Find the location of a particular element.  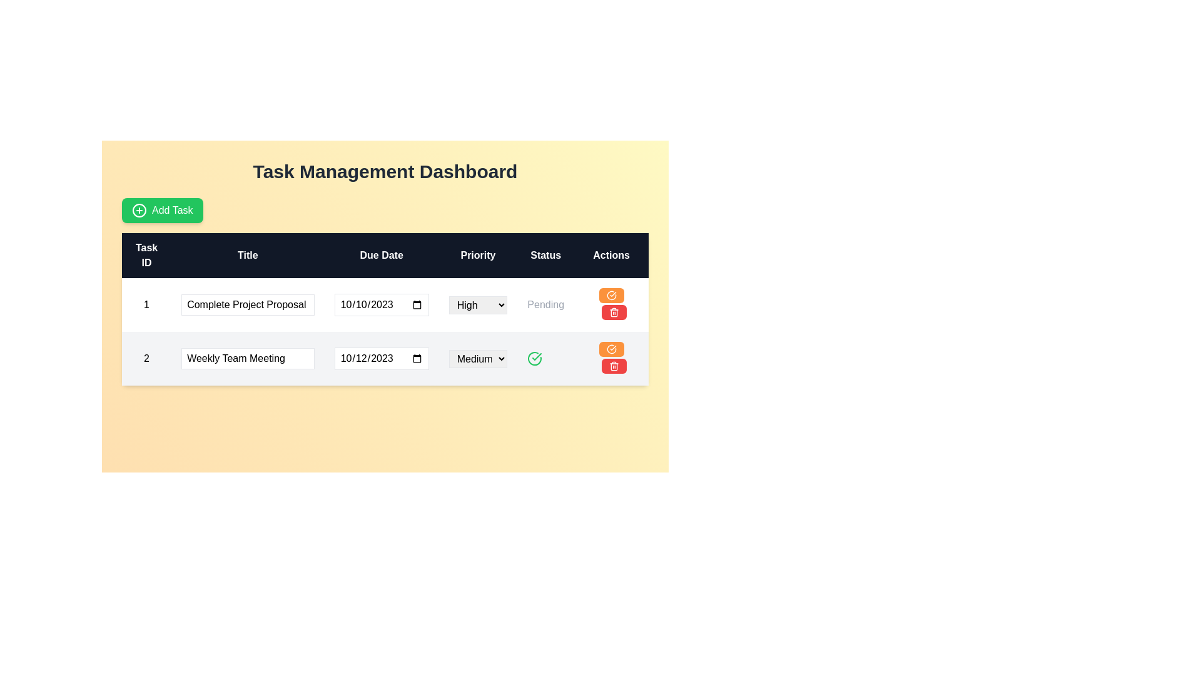

the delete button located in the 'Actions' column of the second row in the 'Task Management Dashboard' table is located at coordinates (614, 366).